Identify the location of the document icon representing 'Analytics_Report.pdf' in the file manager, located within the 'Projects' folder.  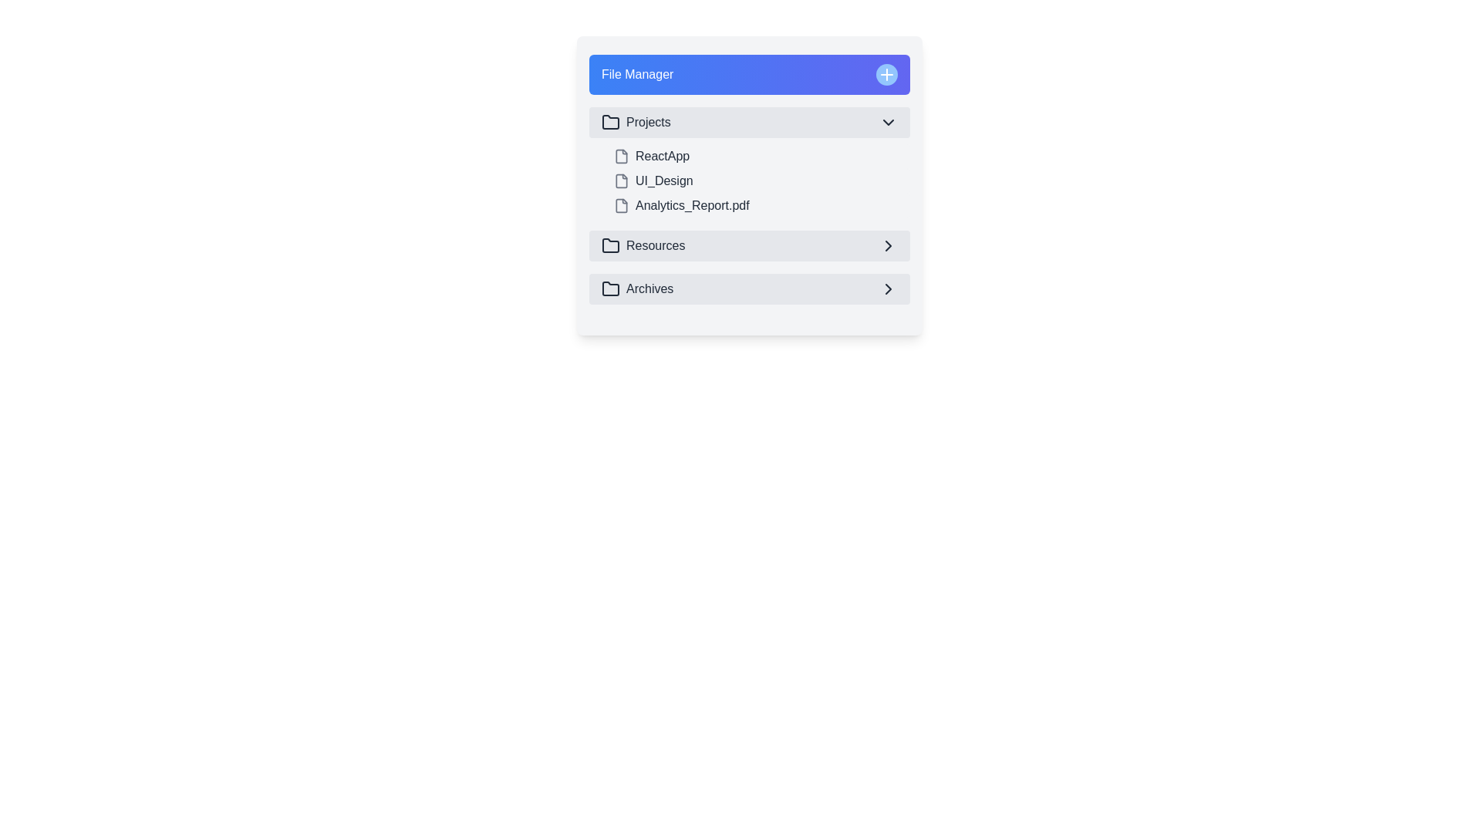
(622, 204).